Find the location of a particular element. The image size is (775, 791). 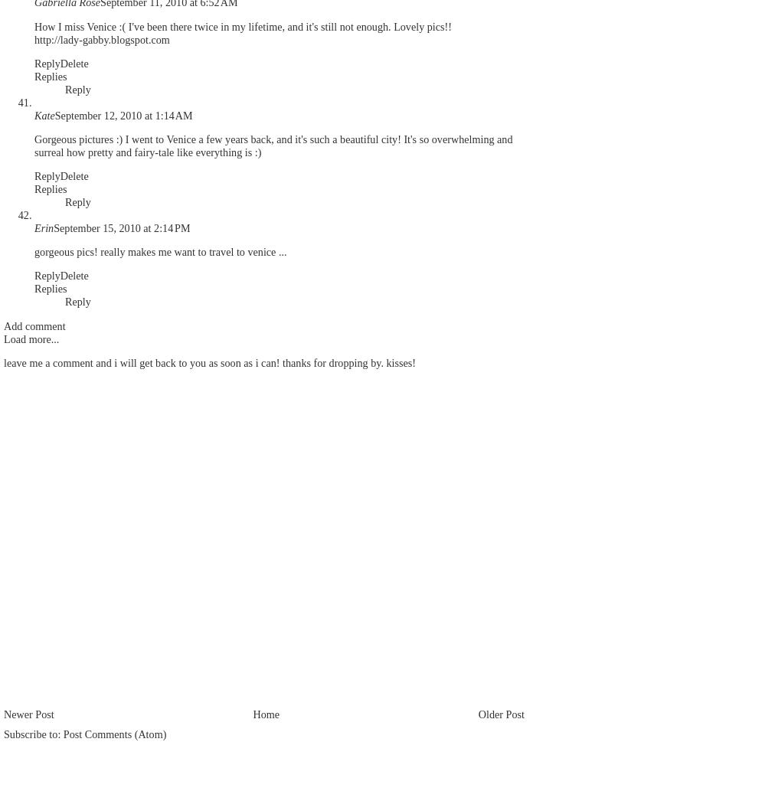

'Home' is located at coordinates (252, 714).